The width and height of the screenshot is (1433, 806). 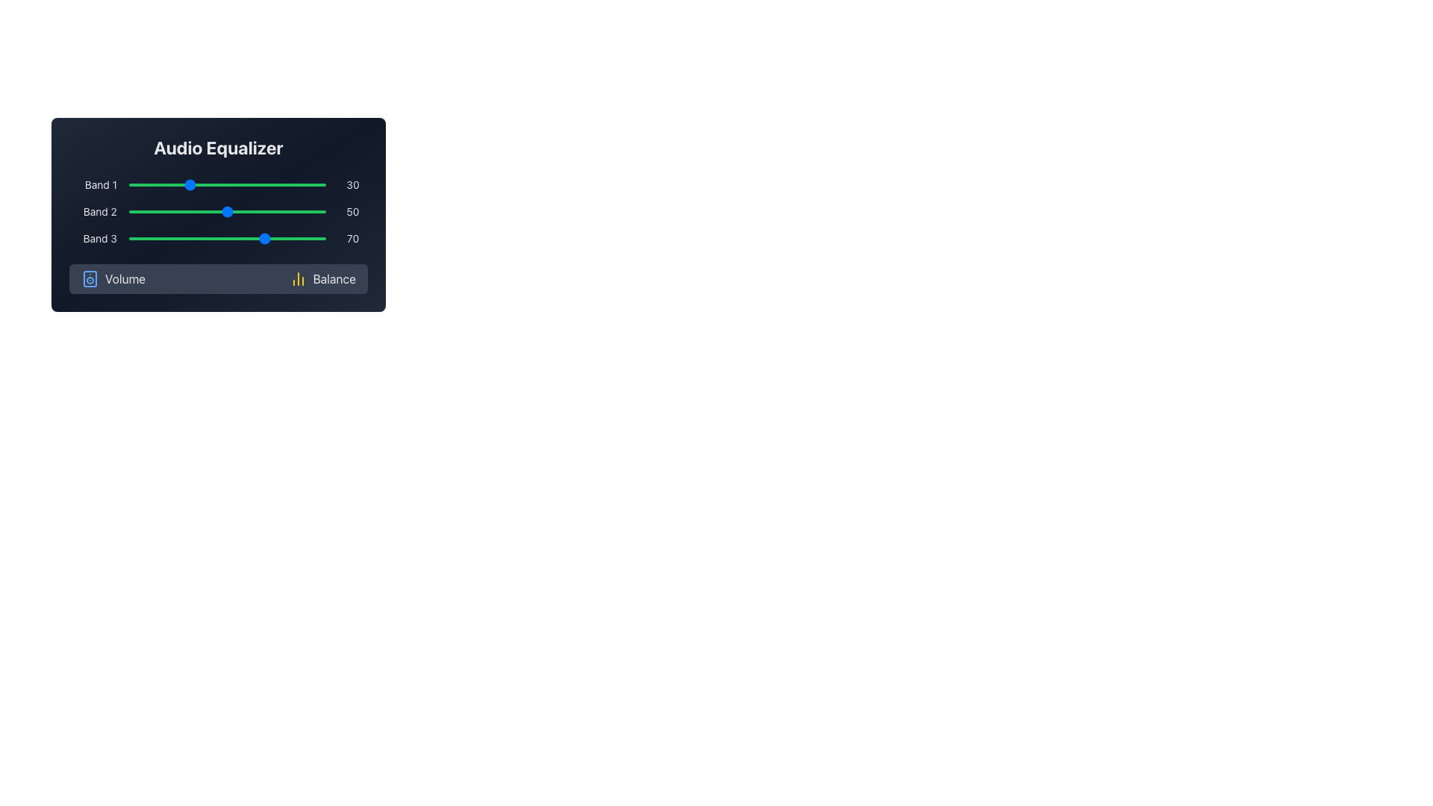 What do you see at coordinates (259, 184) in the screenshot?
I see `Band 1 equalizer value` at bounding box center [259, 184].